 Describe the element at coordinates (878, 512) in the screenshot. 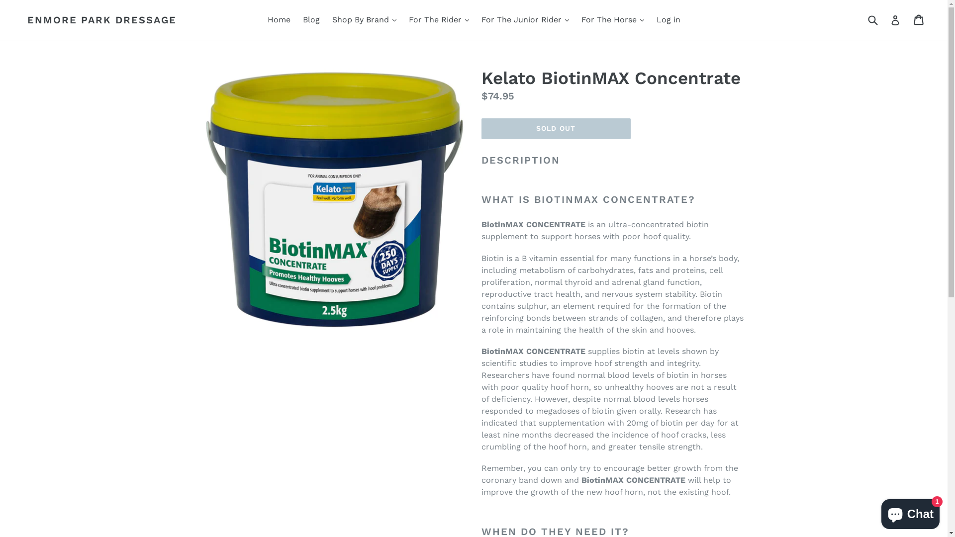

I see `'Shopify online store chat'` at that location.